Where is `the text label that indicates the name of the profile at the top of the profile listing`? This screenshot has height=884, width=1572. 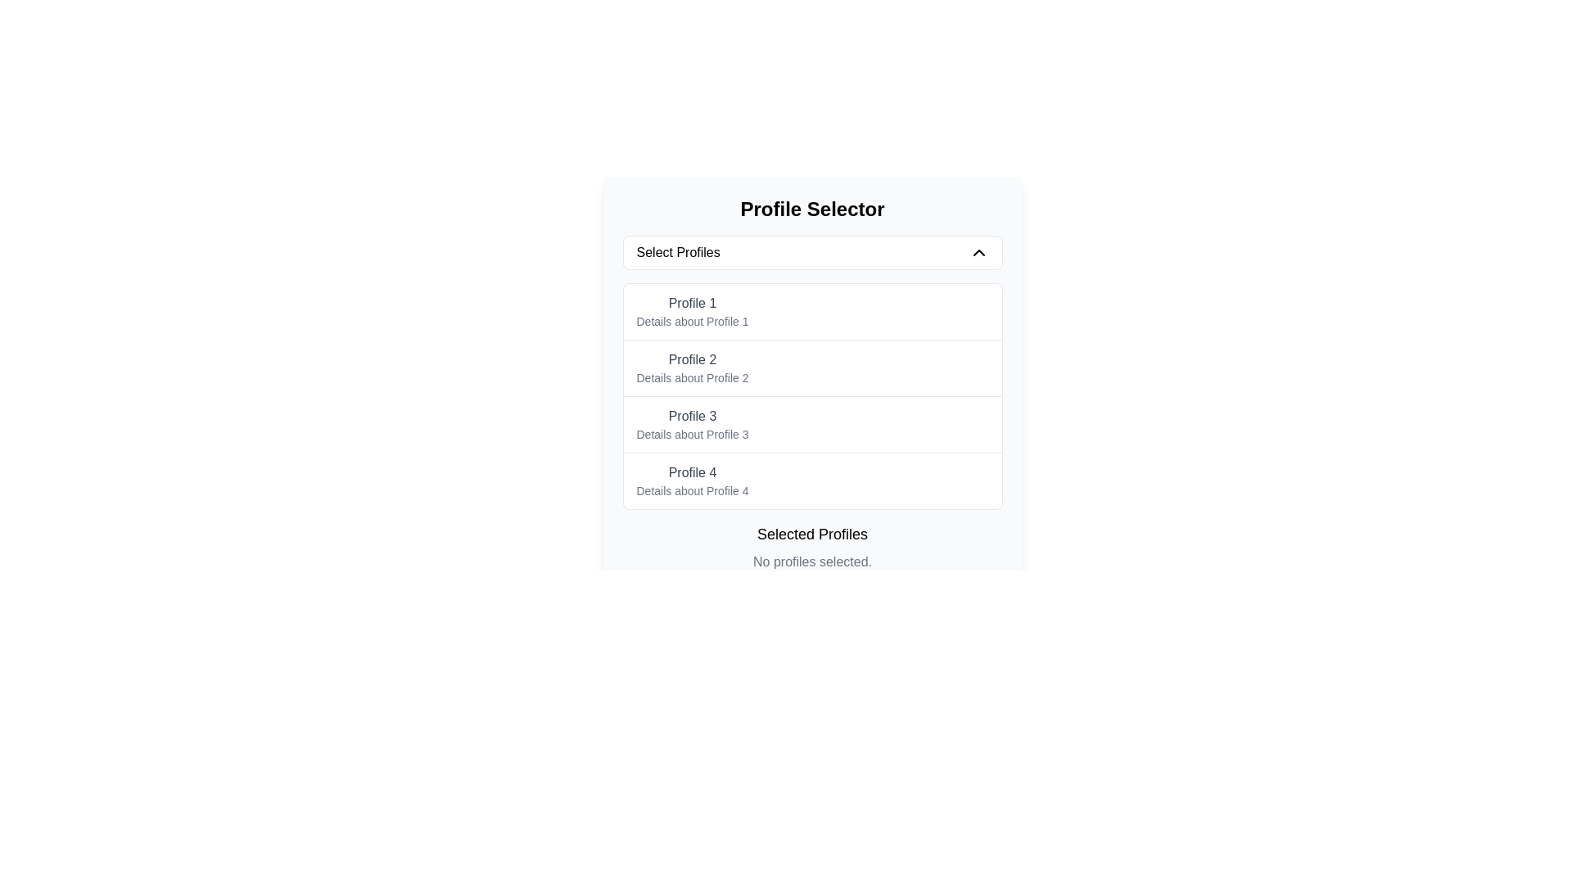
the text label that indicates the name of the profile at the top of the profile listing is located at coordinates (692, 303).